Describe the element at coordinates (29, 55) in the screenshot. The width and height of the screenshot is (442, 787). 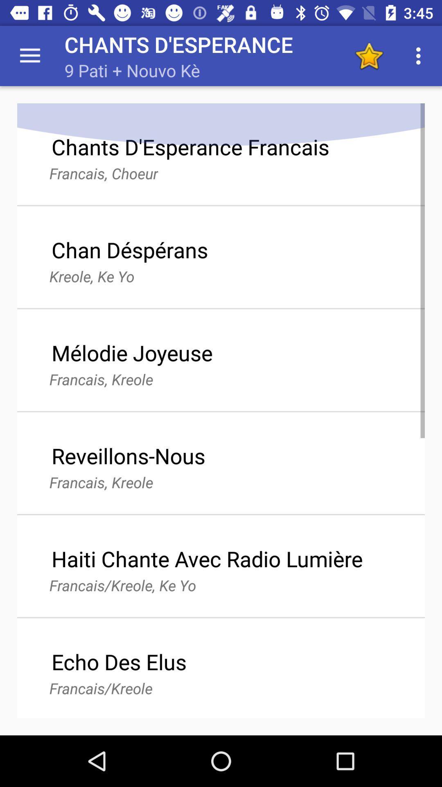
I see `item above chants d esperance` at that location.